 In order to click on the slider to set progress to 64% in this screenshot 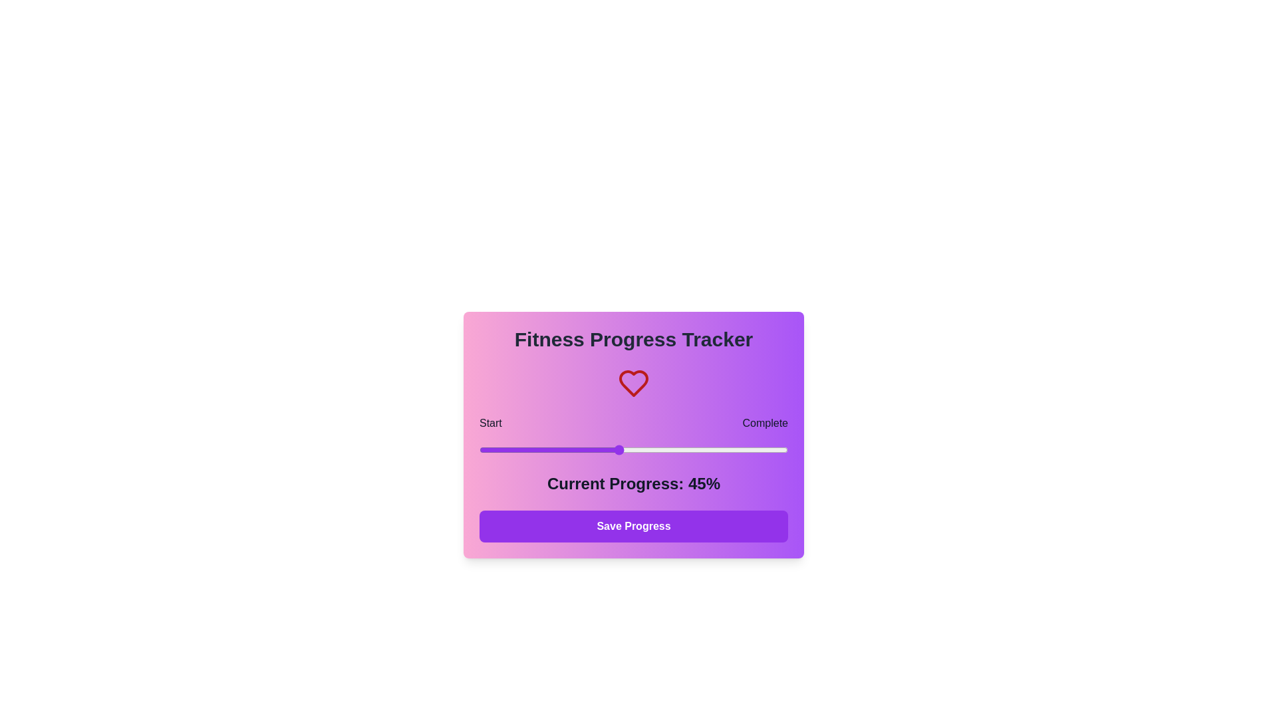, I will do `click(676, 449)`.